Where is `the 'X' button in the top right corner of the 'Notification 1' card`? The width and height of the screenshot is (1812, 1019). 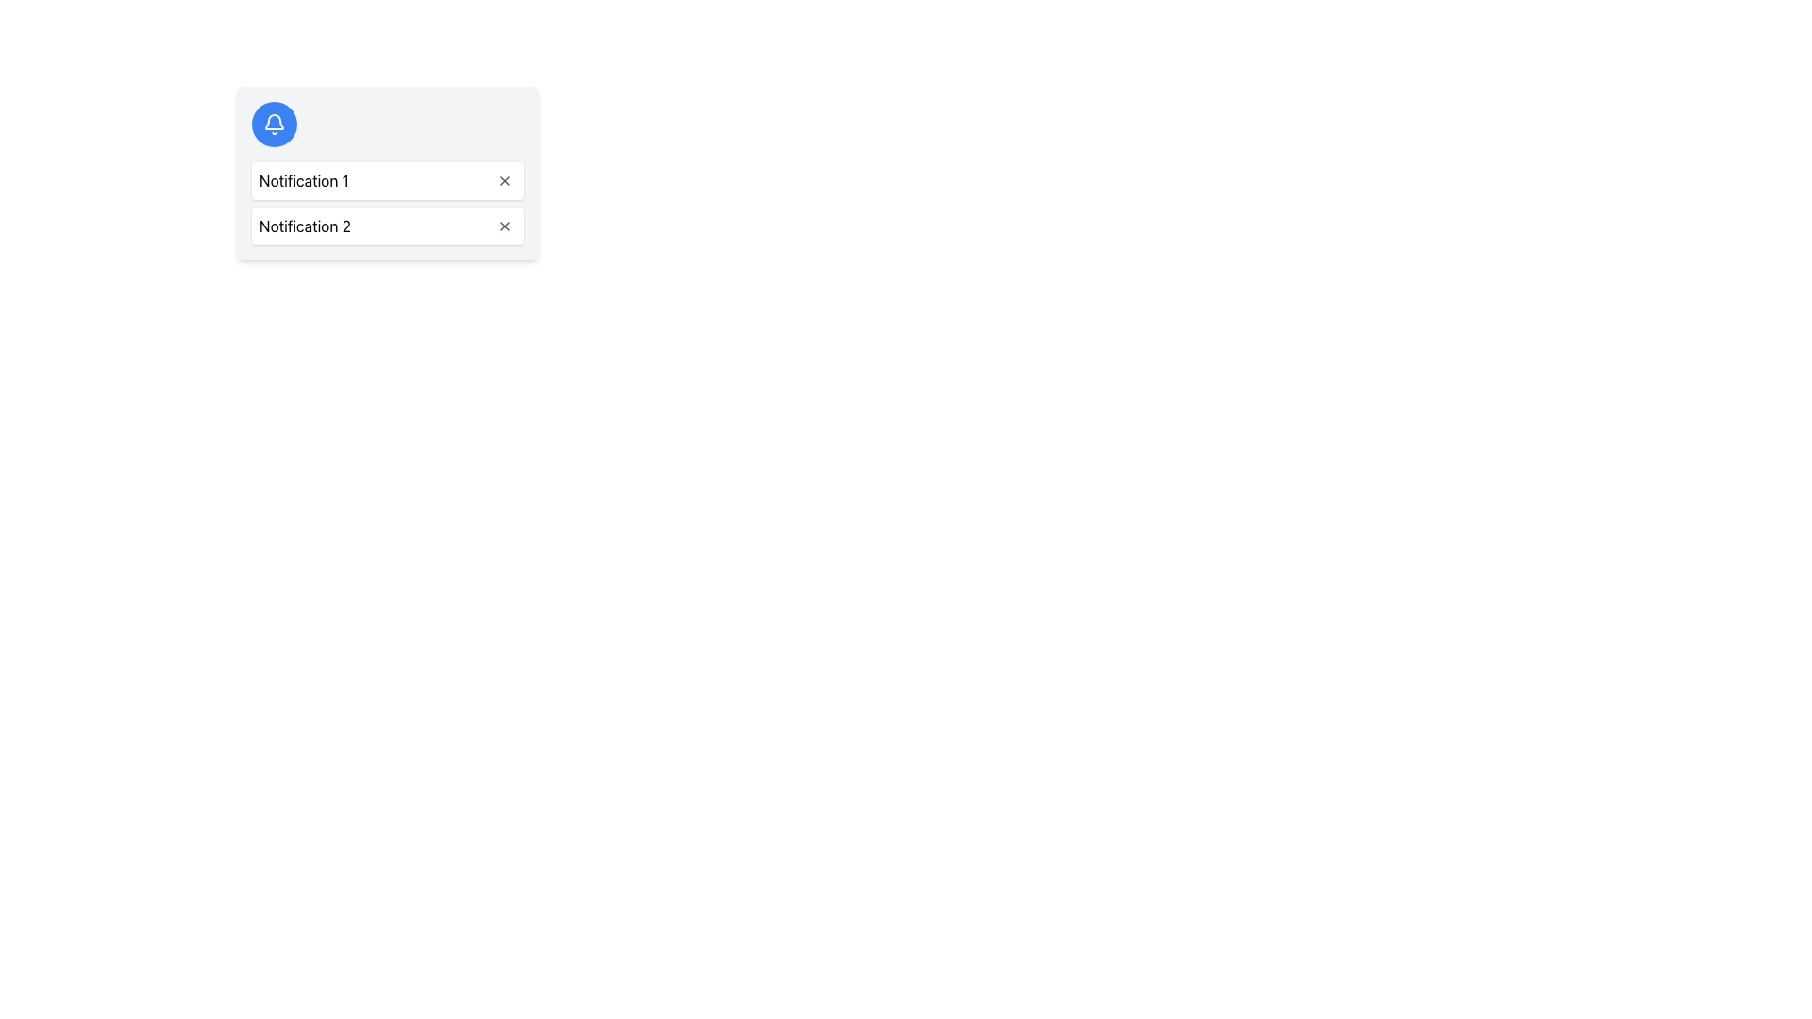
the 'X' button in the top right corner of the 'Notification 1' card is located at coordinates (504, 181).